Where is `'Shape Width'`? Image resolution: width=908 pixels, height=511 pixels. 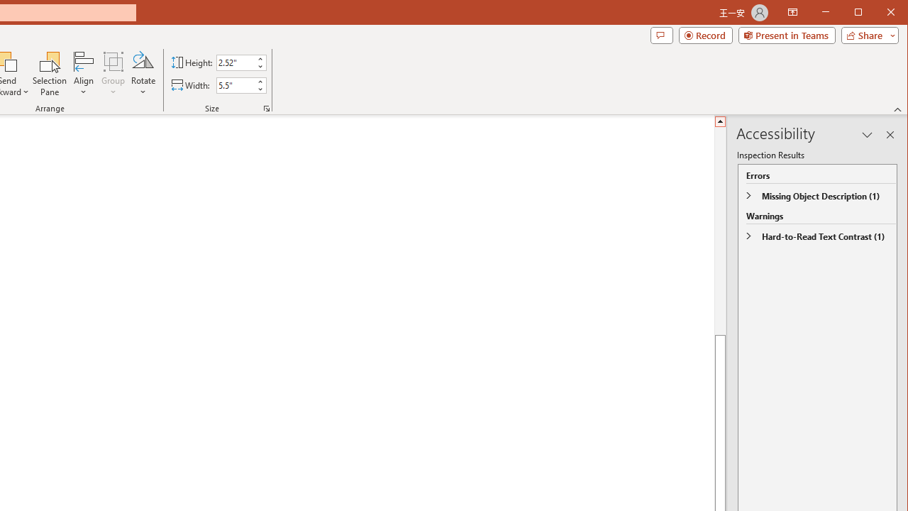
'Shape Width' is located at coordinates (236, 85).